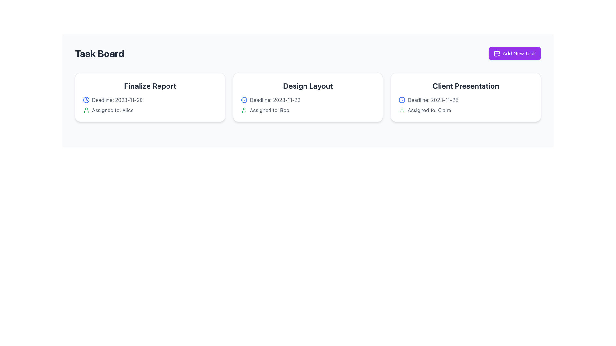 The width and height of the screenshot is (616, 346). I want to click on the green user silhouette icon located to the left of the 'Assigned to: Bob' text in the second card titled 'Design Layout', so click(244, 110).